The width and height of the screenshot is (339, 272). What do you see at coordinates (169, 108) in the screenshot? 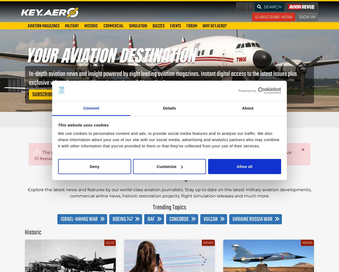
I see `'Details'` at bounding box center [169, 108].